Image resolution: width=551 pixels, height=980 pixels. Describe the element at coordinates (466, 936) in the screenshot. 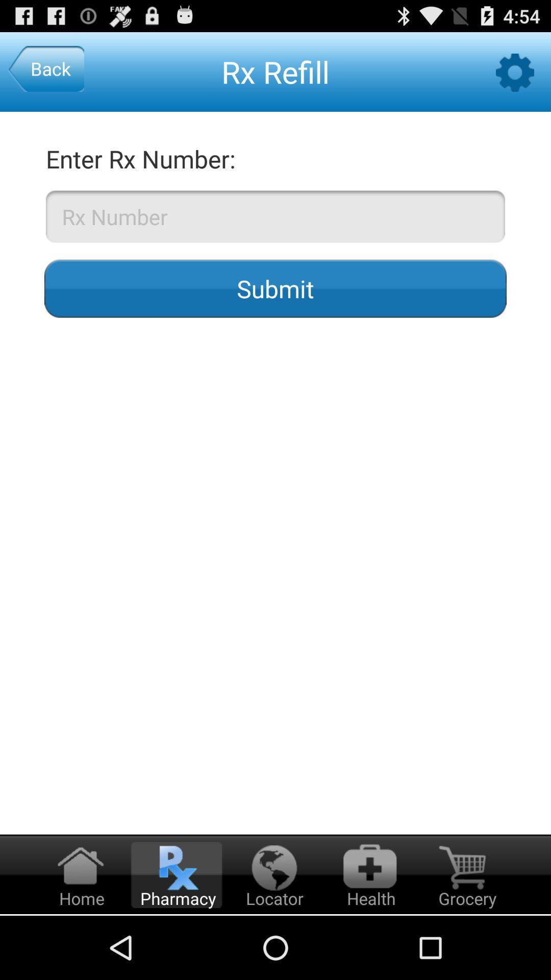

I see `the cart icon` at that location.